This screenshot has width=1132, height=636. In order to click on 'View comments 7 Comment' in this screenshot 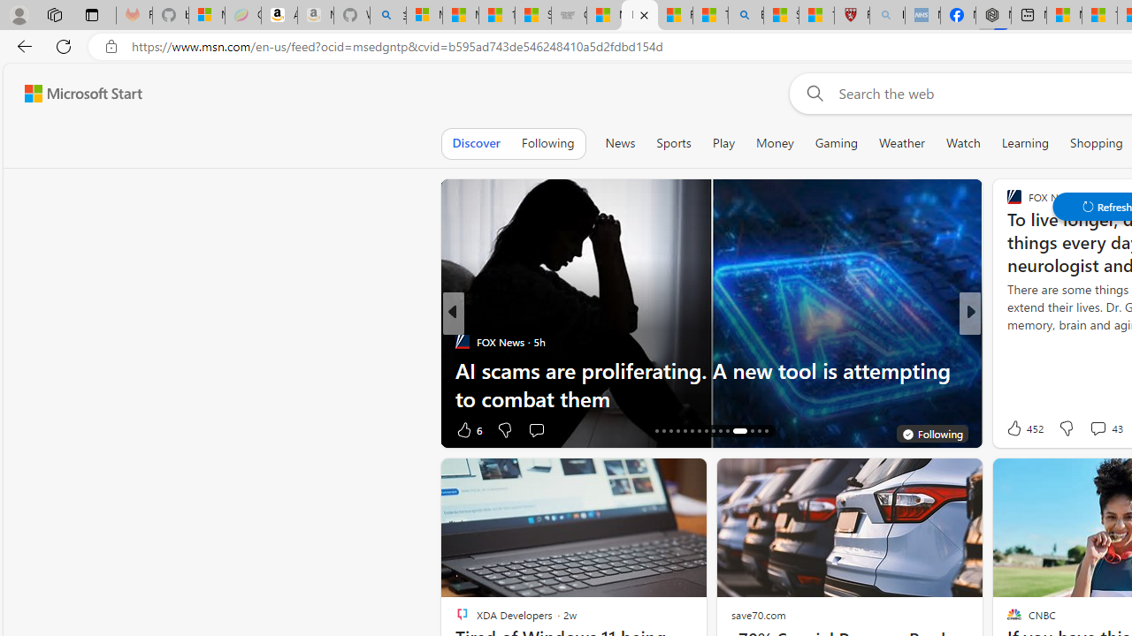, I will do `click(1091, 429)`.